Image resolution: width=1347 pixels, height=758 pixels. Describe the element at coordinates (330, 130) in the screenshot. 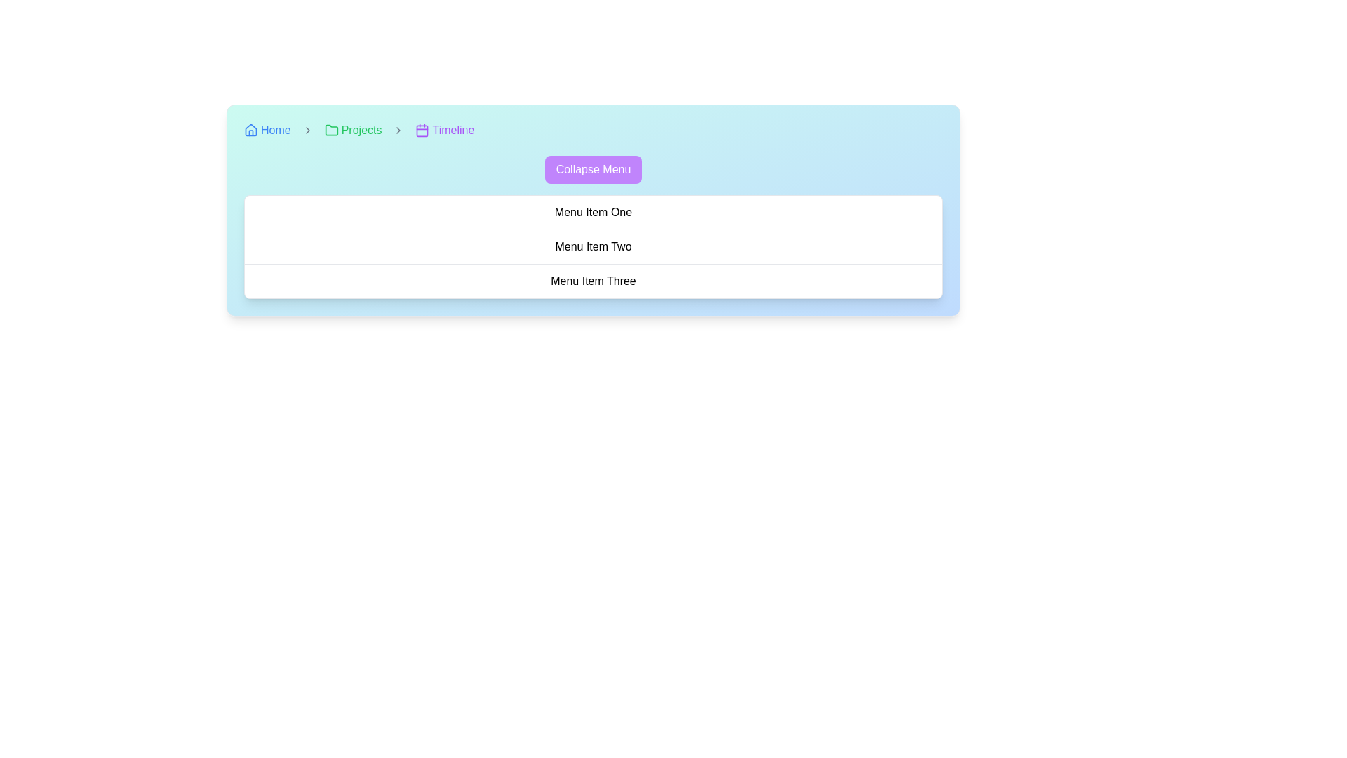

I see `the folder icon in the breadcrumb navigation bar next to the text 'Projects'` at that location.